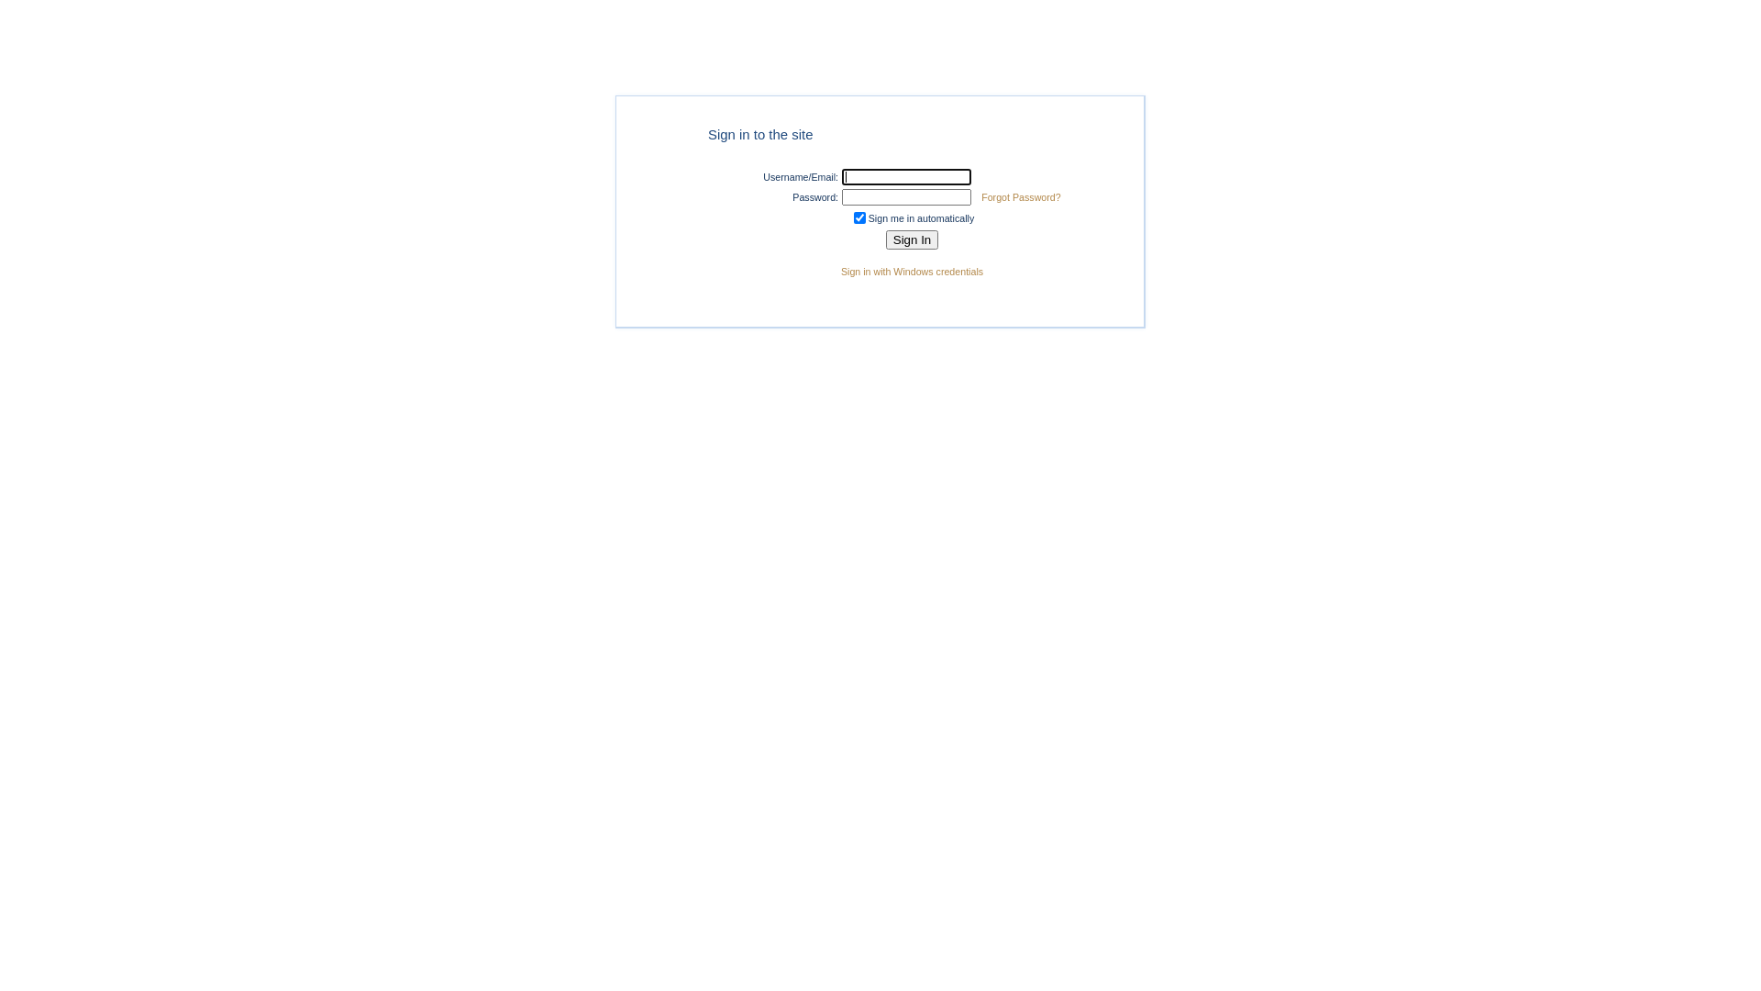 The image size is (1761, 991). I want to click on 'Forgot Password?', so click(1020, 197).